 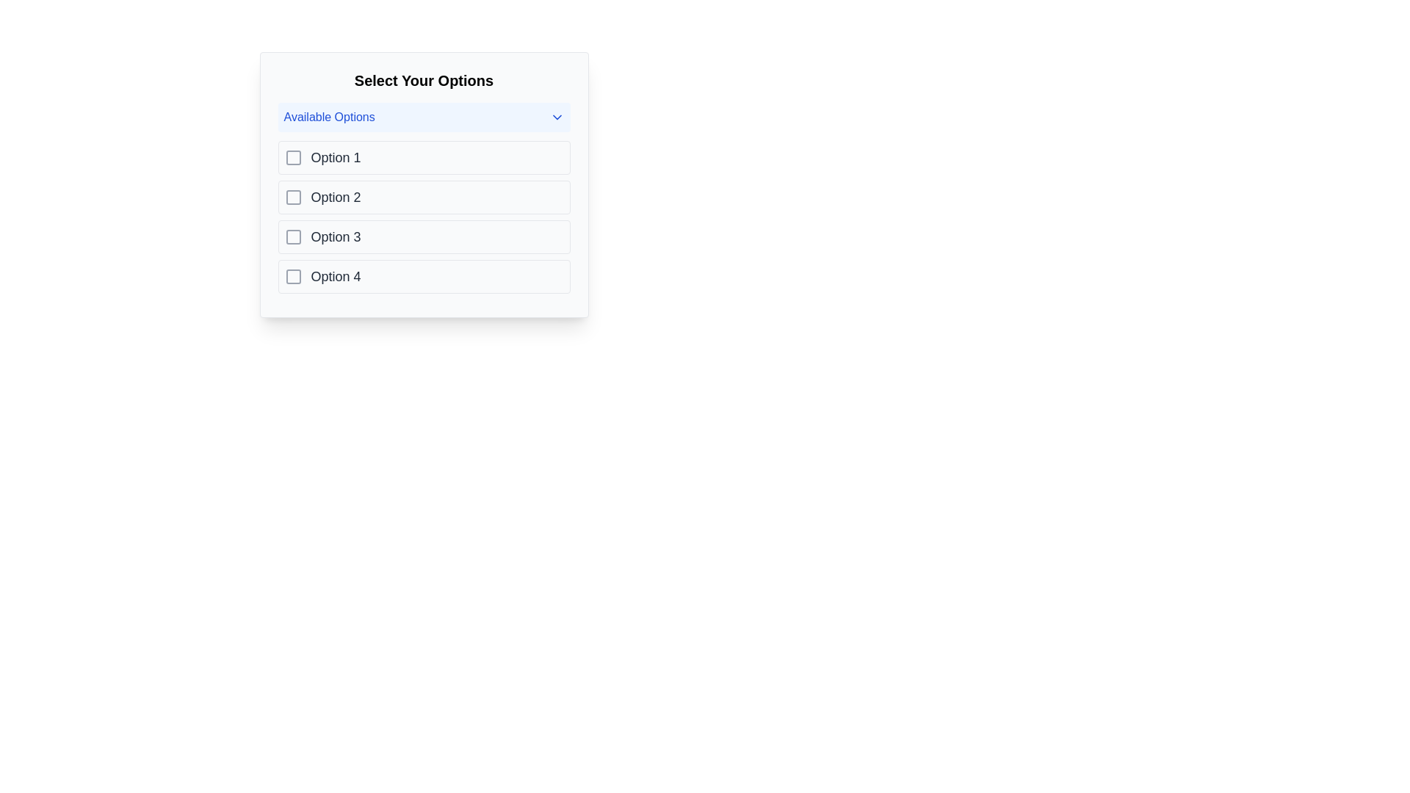 What do you see at coordinates (293, 236) in the screenshot?
I see `to select the checkbox located next to the label 'Option 3' in the third position of the vertical list under 'Available Options'` at bounding box center [293, 236].